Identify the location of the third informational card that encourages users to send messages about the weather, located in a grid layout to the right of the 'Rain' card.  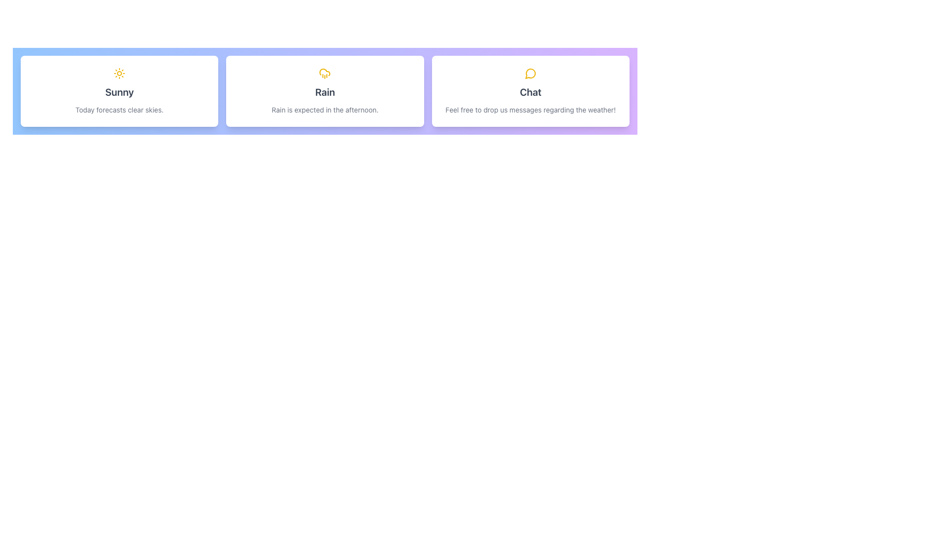
(530, 91).